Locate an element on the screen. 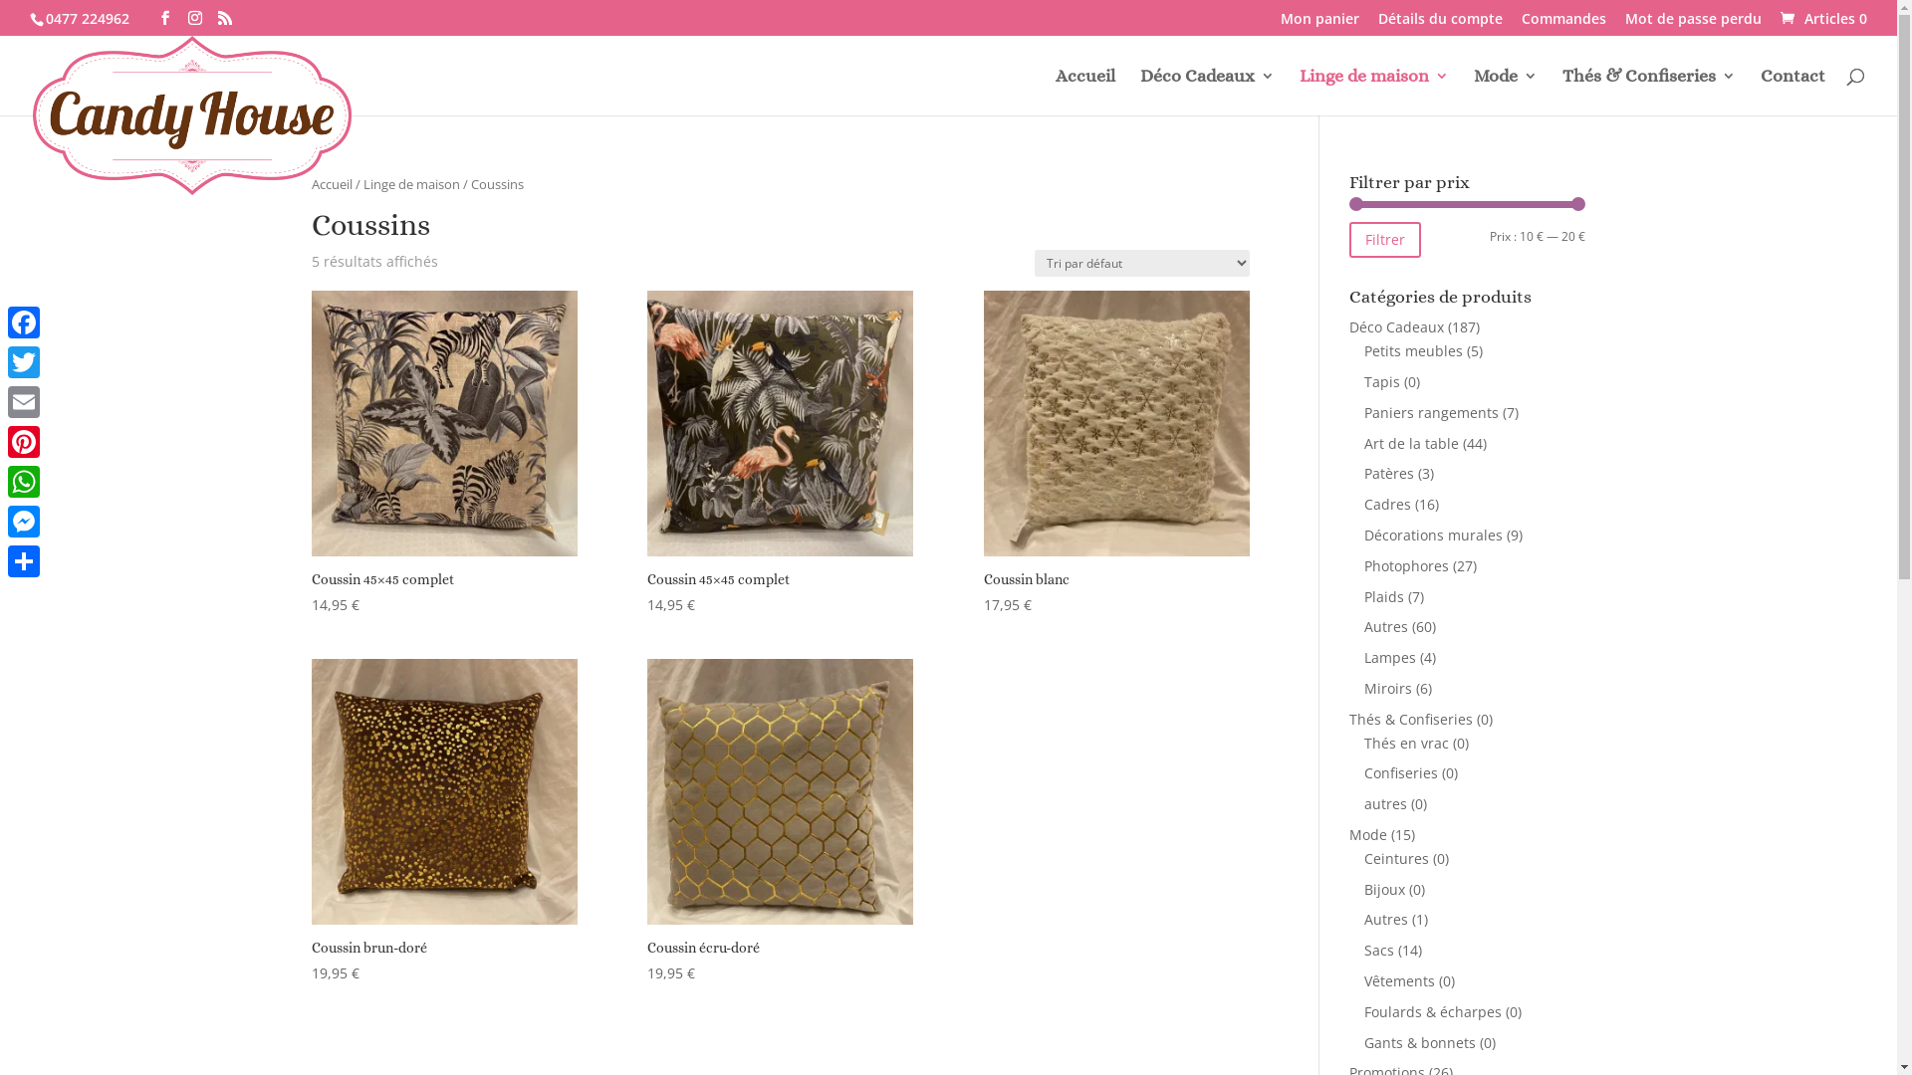  'autres' is located at coordinates (1384, 802).